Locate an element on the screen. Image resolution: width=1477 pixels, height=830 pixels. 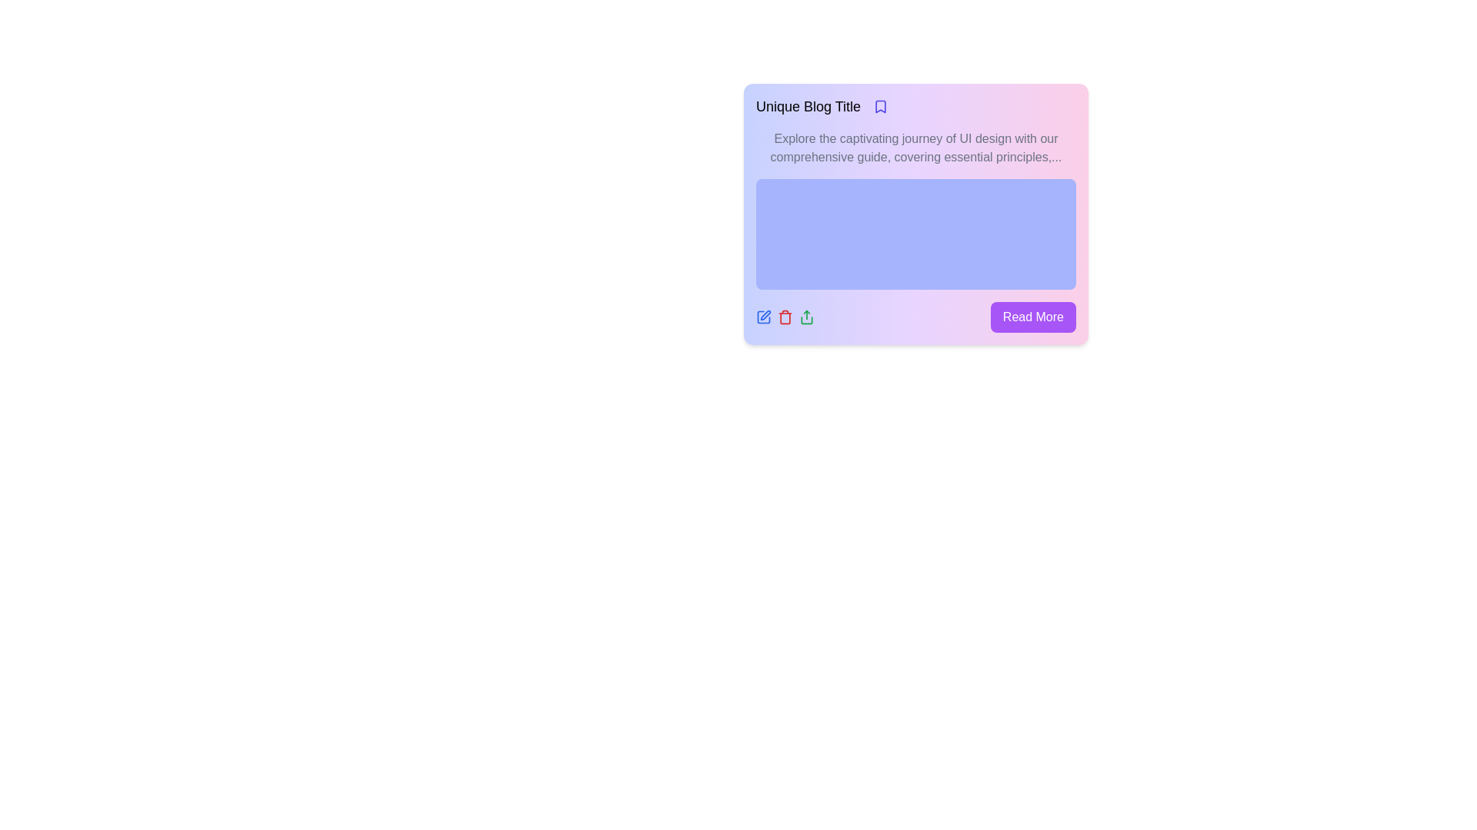
the delete icon button located in the bottom-left section of the card-like interface, which is the second element in the row of icons is located at coordinates (785, 316).